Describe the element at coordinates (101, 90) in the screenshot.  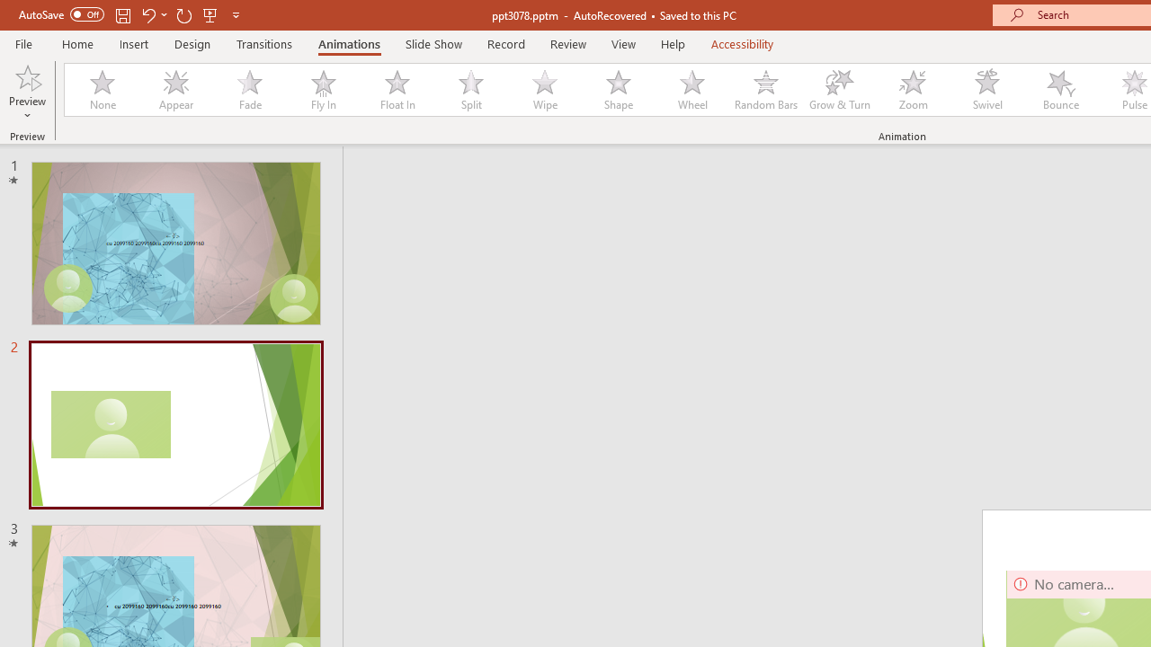
I see `'None'` at that location.